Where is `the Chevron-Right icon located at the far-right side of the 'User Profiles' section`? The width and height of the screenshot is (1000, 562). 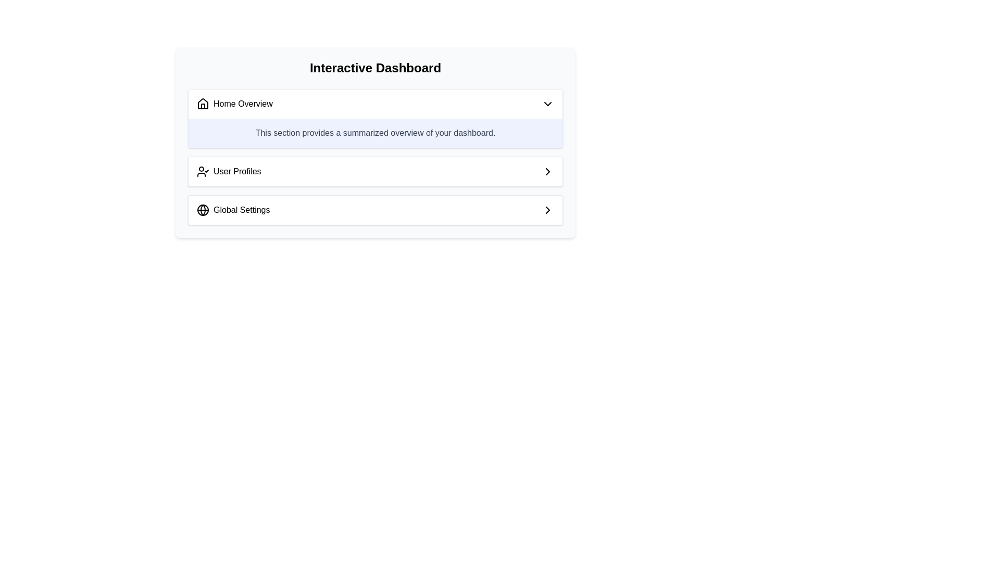
the Chevron-Right icon located at the far-right side of the 'User Profiles' section is located at coordinates (547, 171).